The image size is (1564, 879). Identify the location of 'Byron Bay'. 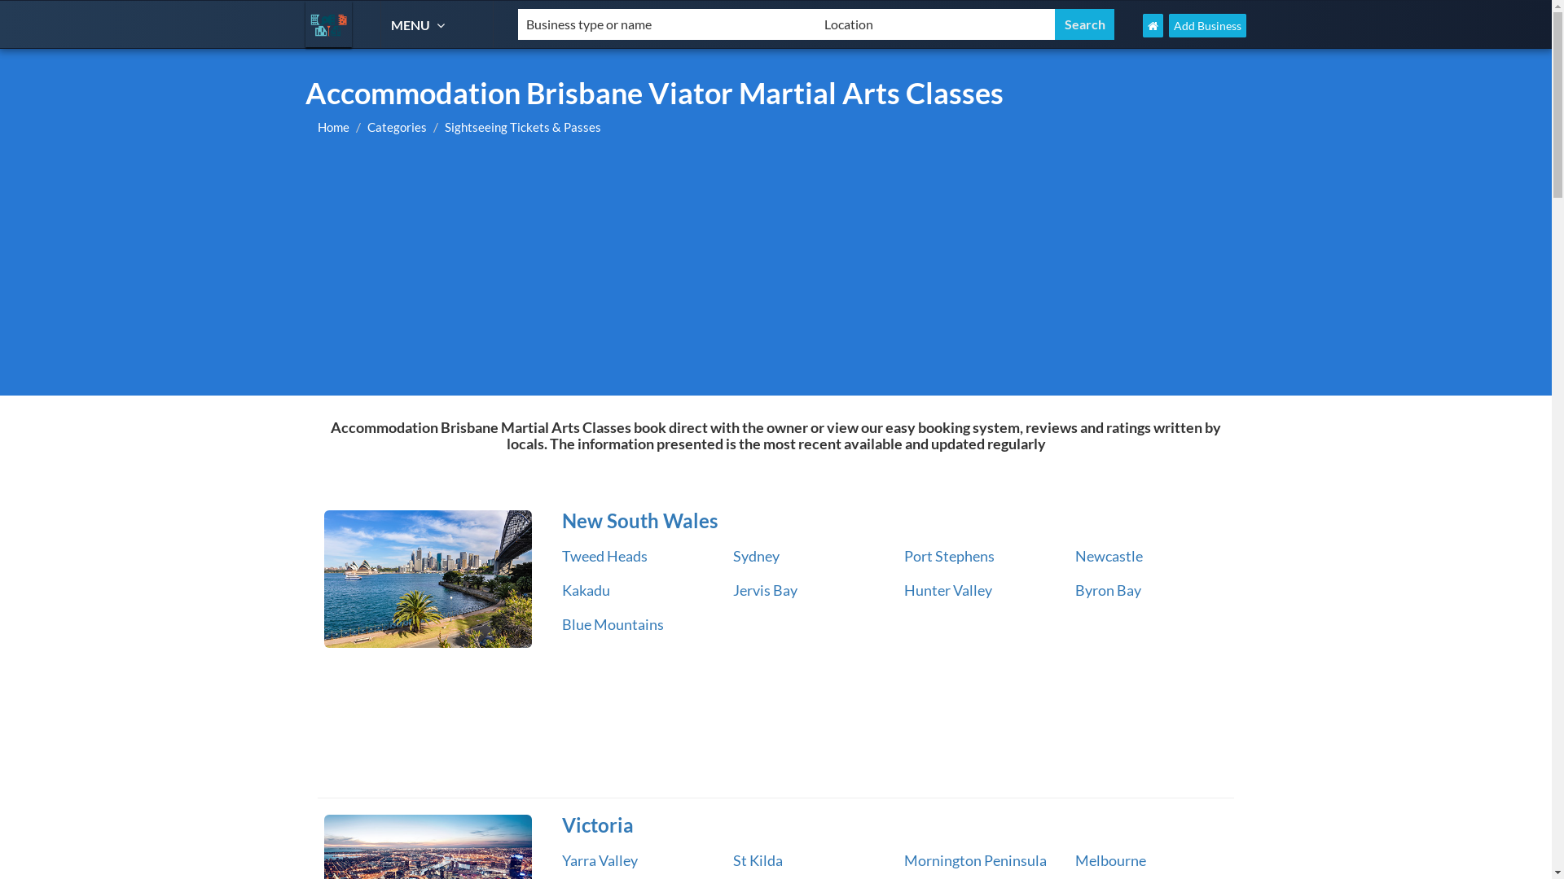
(1108, 590).